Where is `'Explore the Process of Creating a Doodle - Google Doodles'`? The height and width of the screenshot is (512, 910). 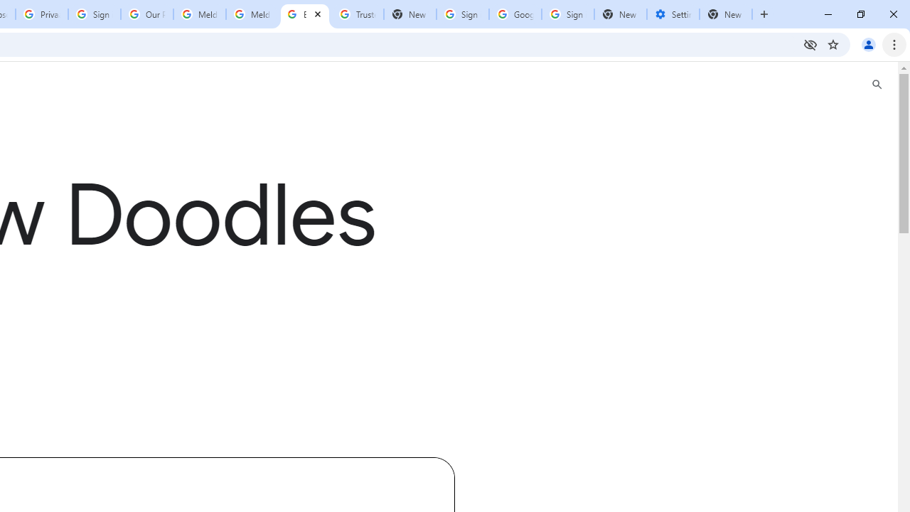 'Explore the Process of Creating a Doodle - Google Doodles' is located at coordinates (304, 14).